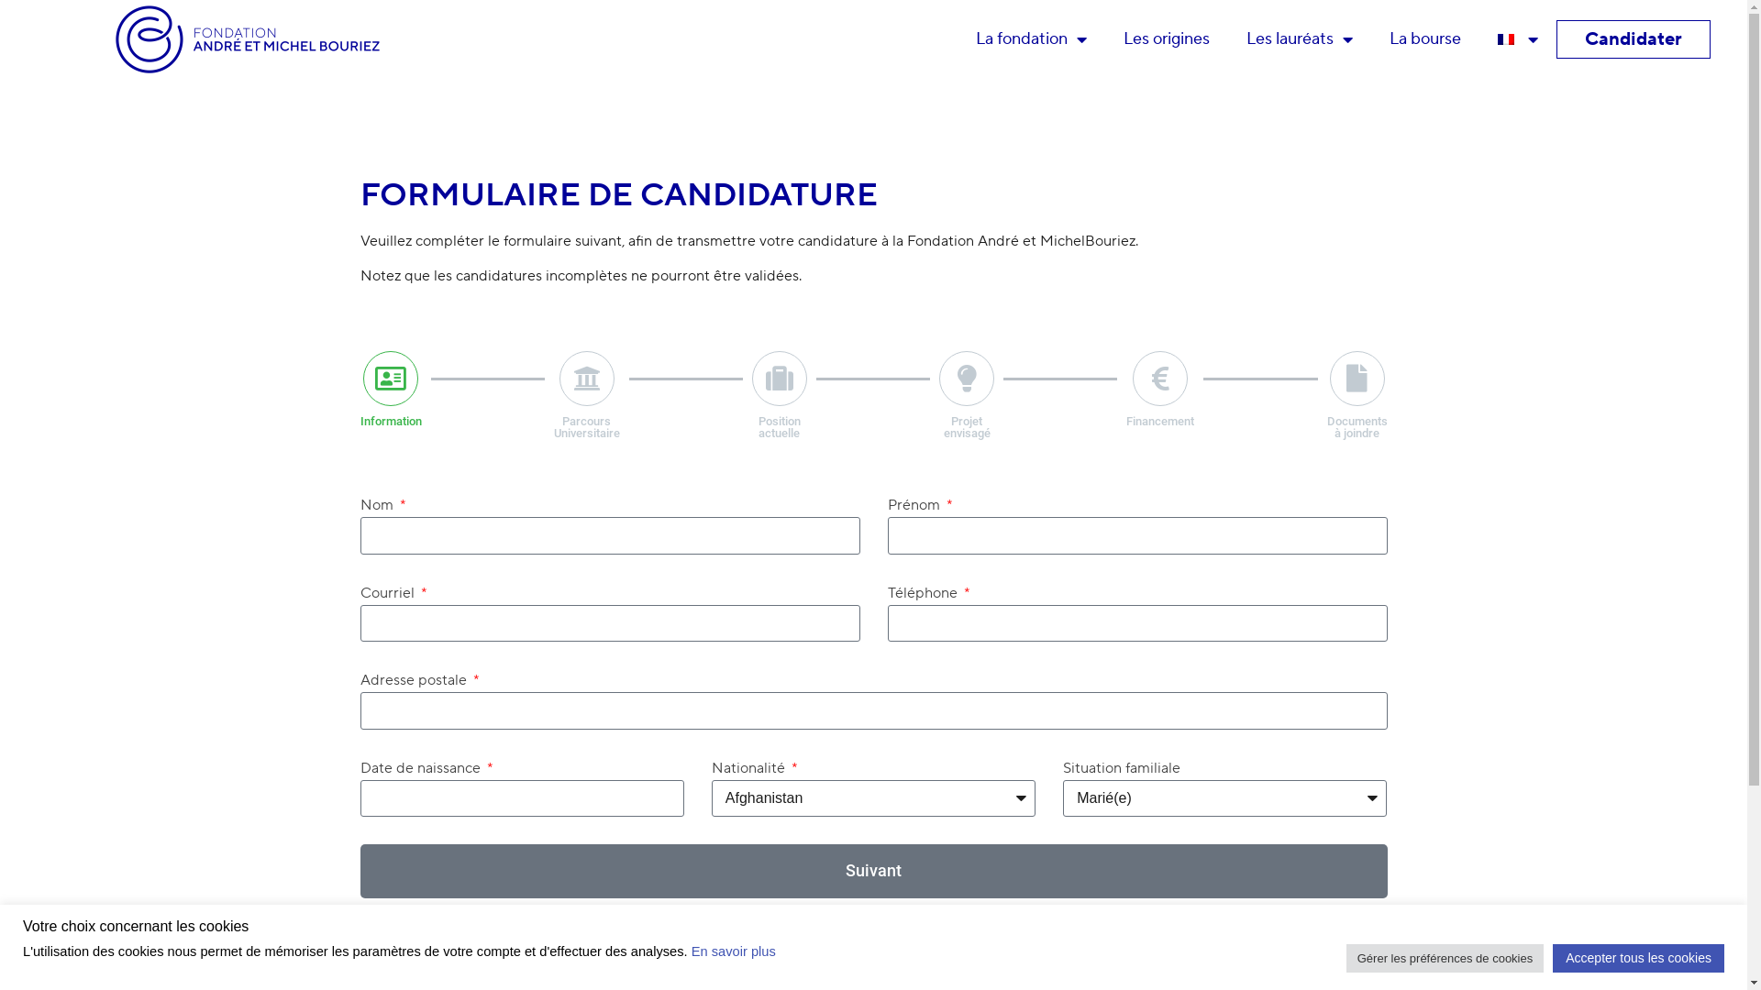  I want to click on 'En savoir plus', so click(690, 950).